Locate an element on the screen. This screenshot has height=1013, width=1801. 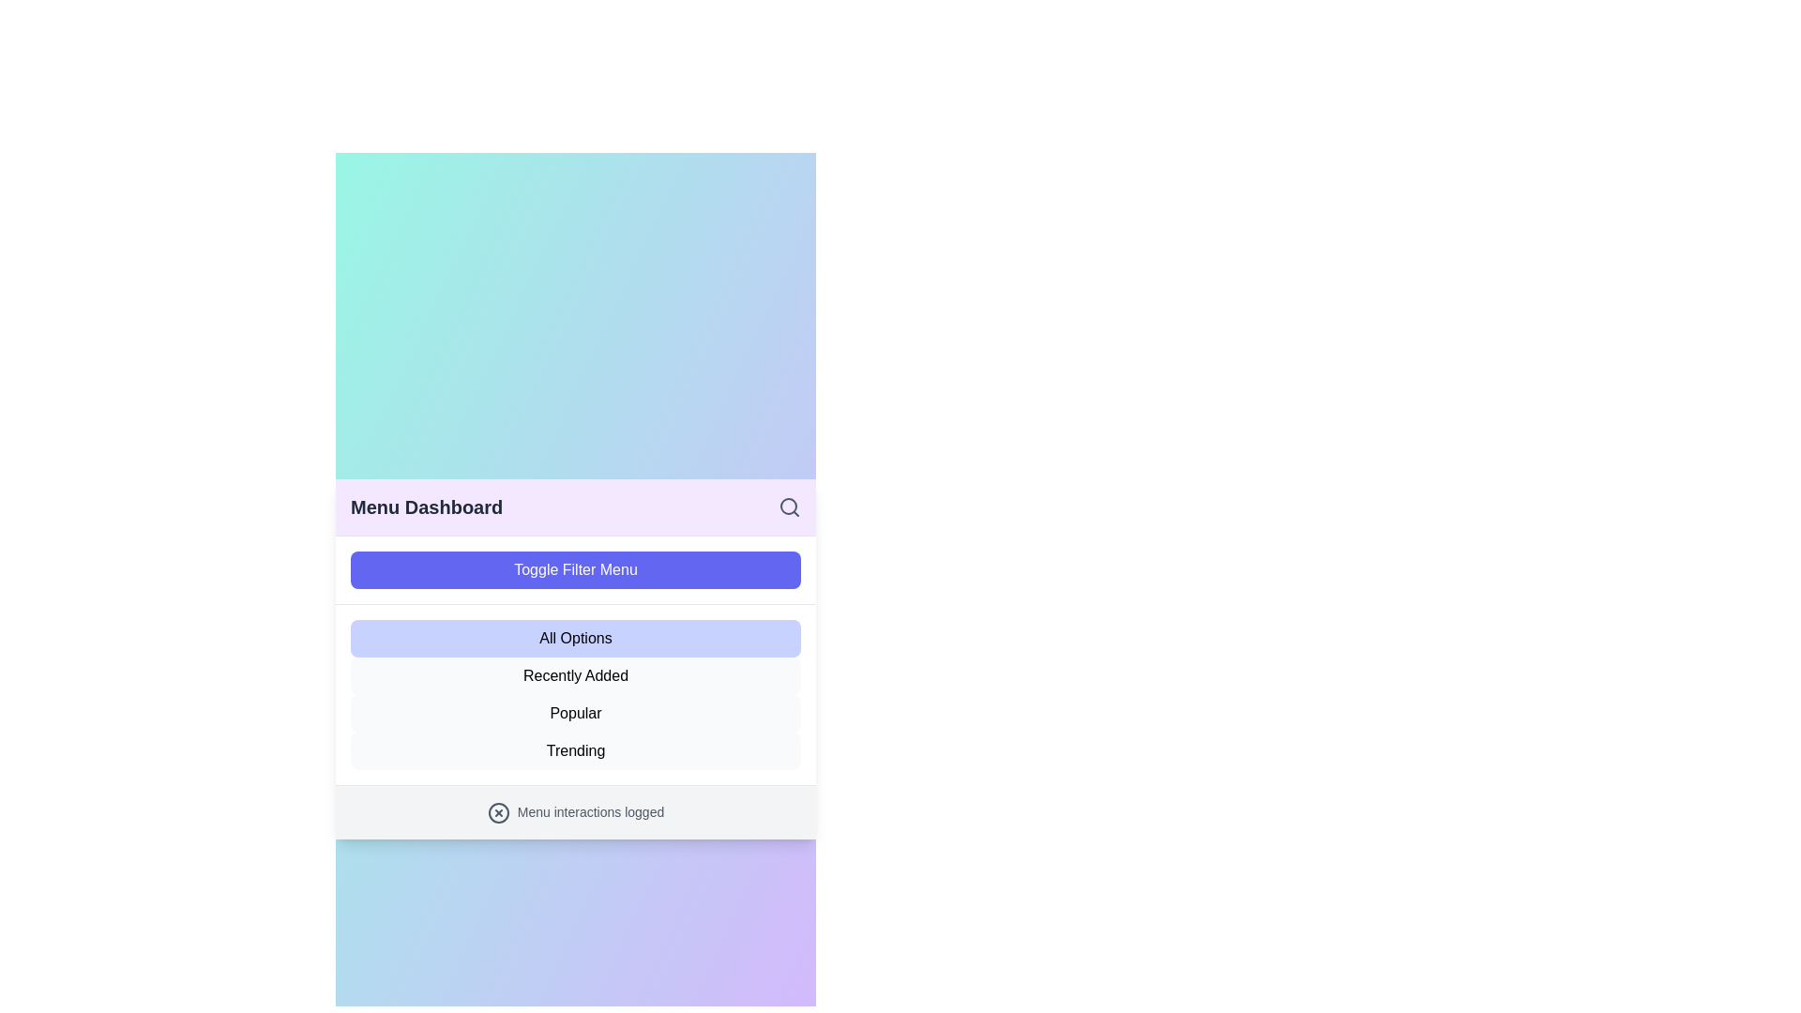
the menu option Trending from the list is located at coordinates (575, 750).